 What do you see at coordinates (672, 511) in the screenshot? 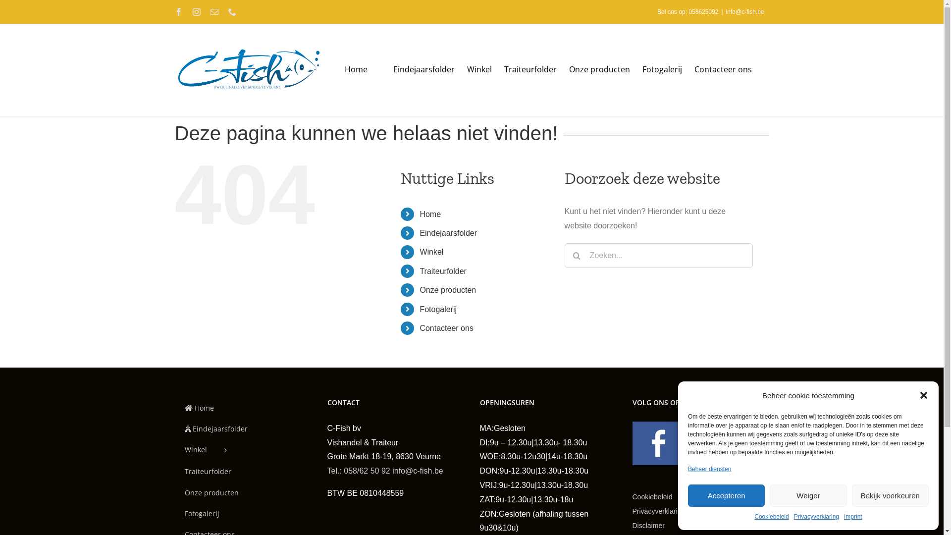
I see `'Privacyverklaring'` at bounding box center [672, 511].